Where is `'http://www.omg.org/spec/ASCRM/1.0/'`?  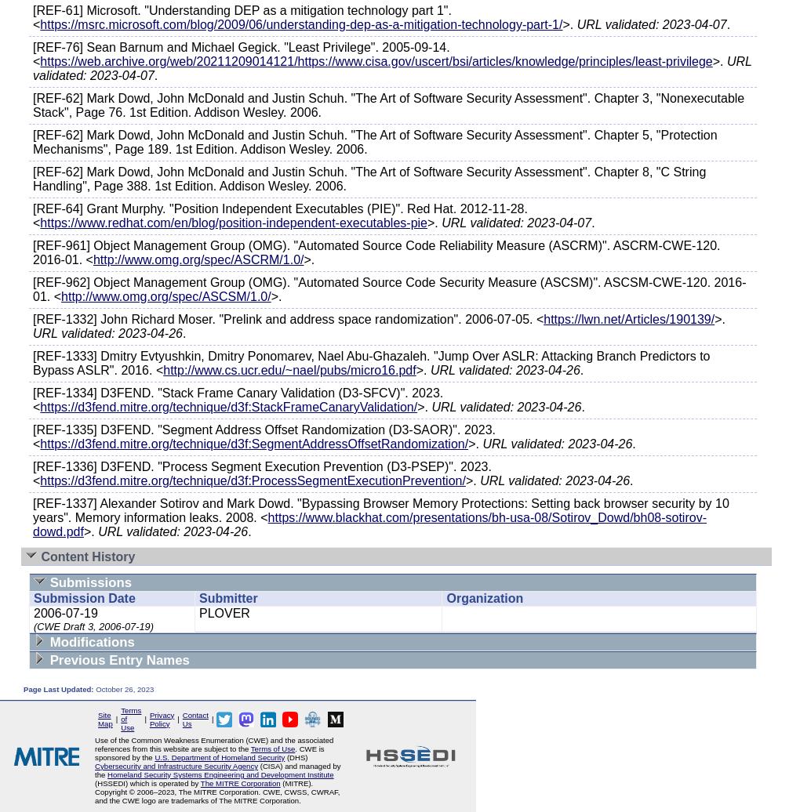
'http://www.omg.org/spec/ASCRM/1.0/' is located at coordinates (198, 259).